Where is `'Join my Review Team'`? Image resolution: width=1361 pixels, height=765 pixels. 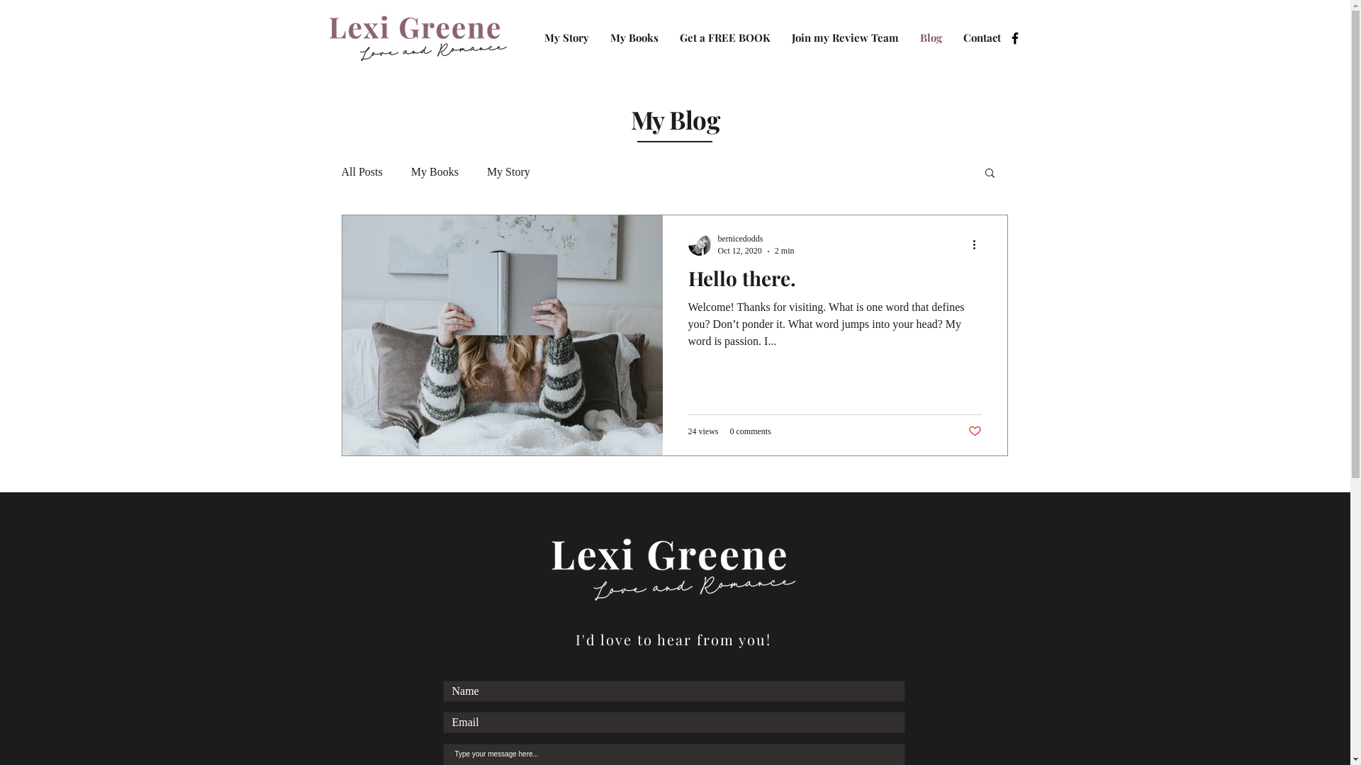 'Join my Review Team' is located at coordinates (845, 37).